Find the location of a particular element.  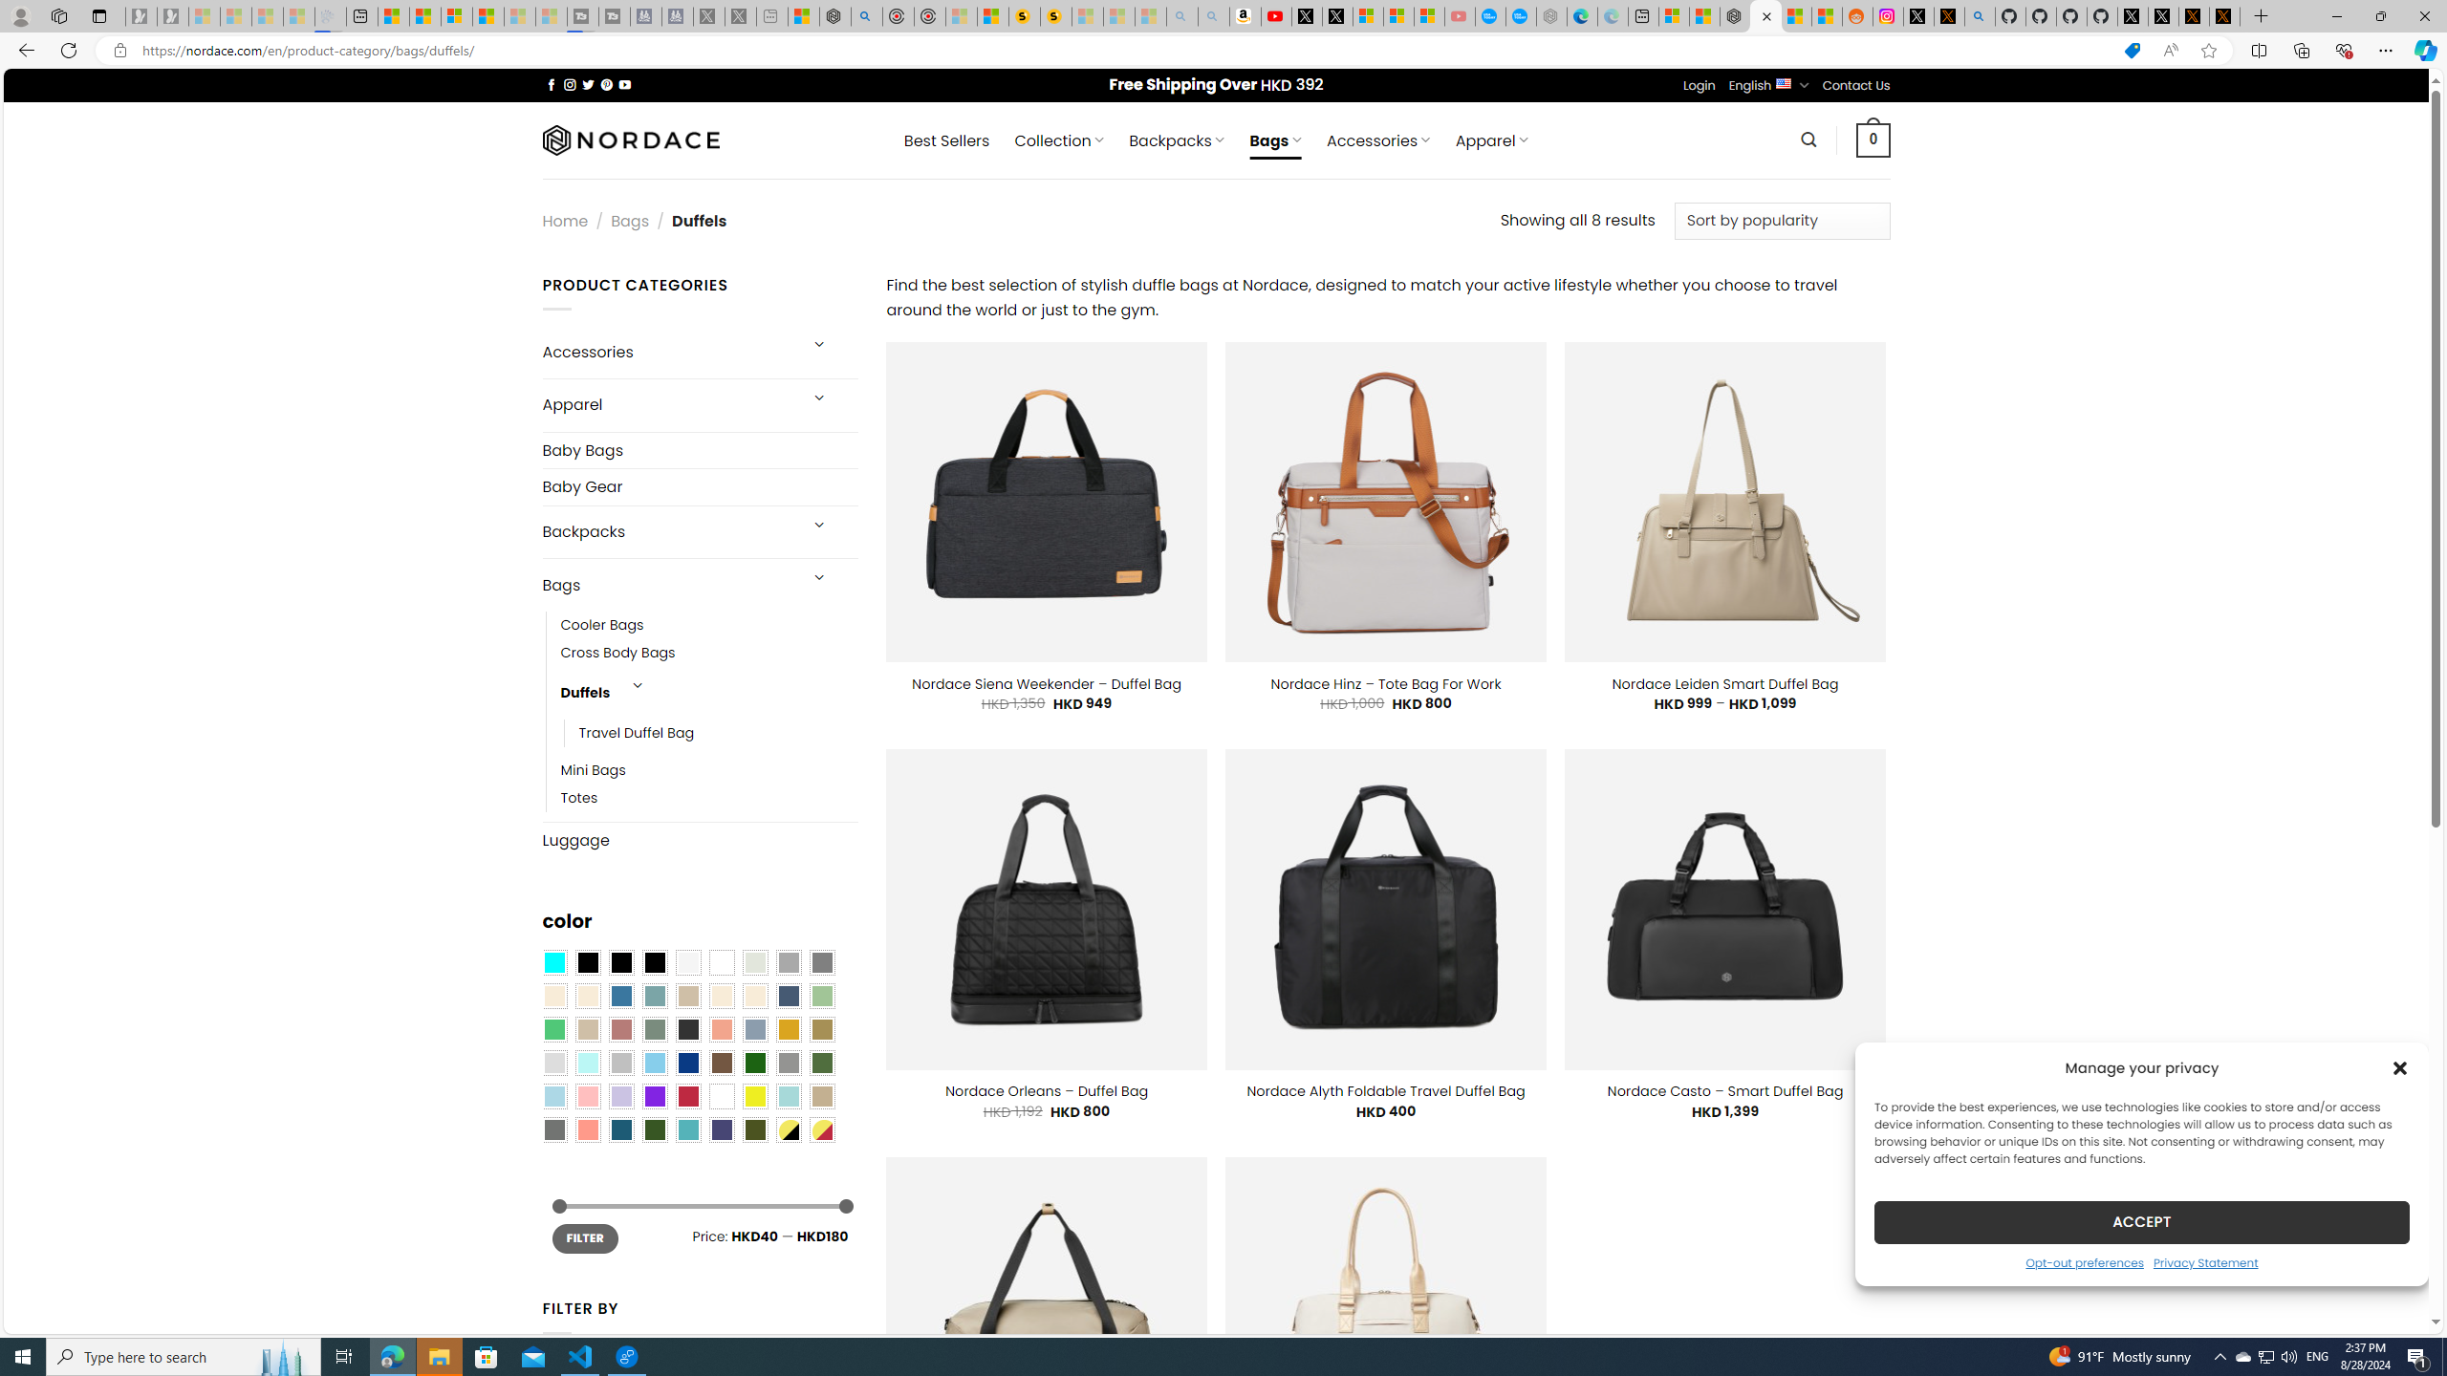

'Clear' is located at coordinates (721, 962).